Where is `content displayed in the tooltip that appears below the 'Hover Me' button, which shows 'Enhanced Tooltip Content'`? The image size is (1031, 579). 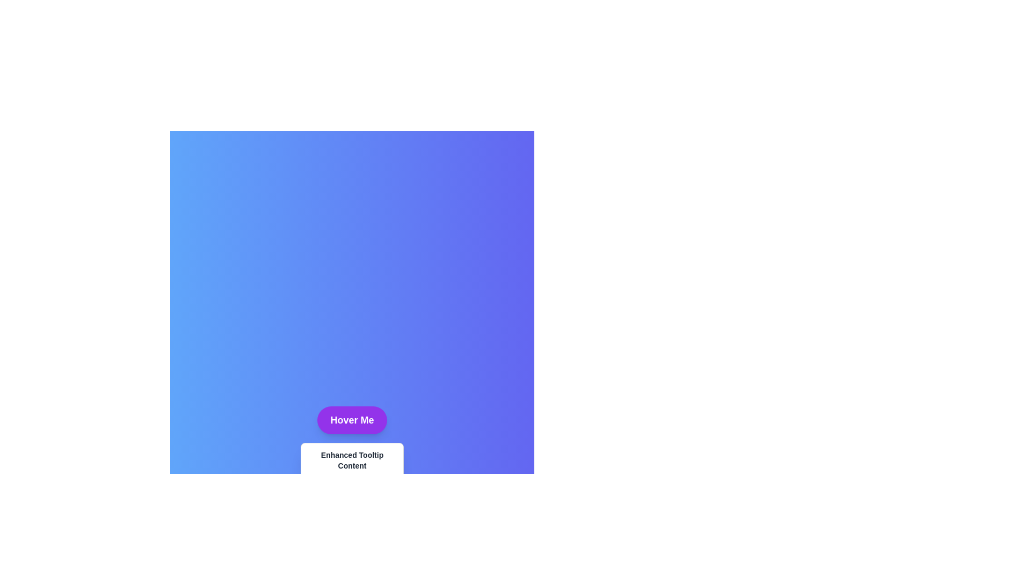
content displayed in the tooltip that appears below the 'Hover Me' button, which shows 'Enhanced Tooltip Content' is located at coordinates (352, 460).